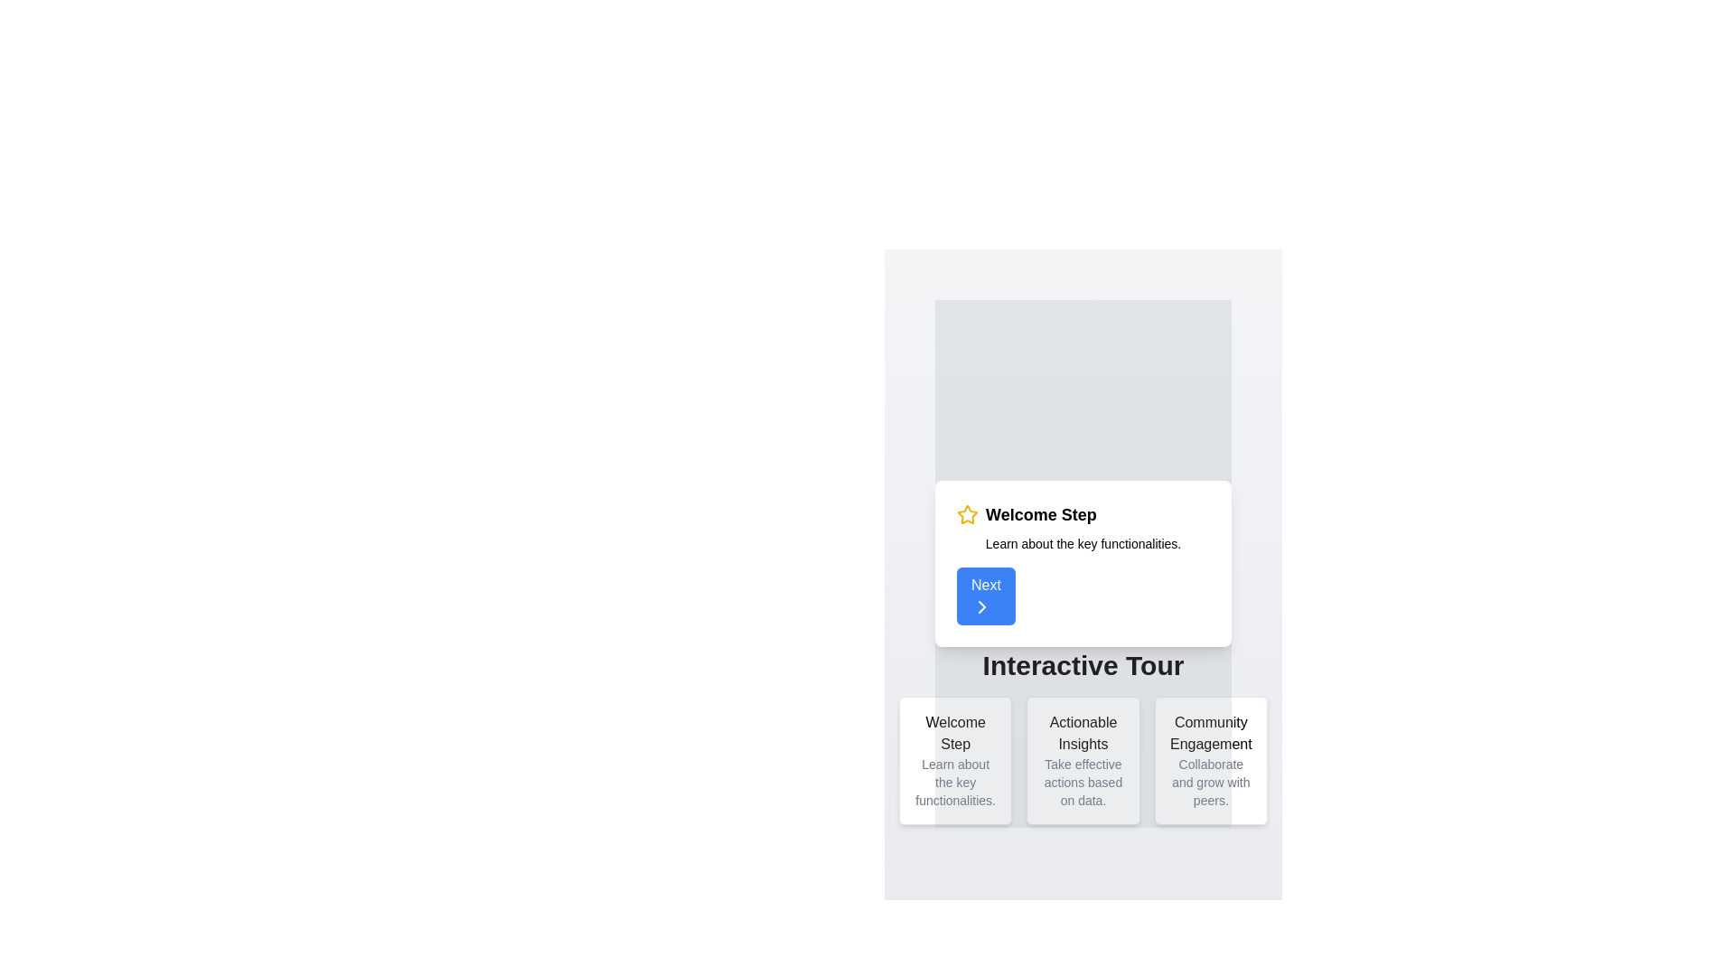 The image size is (1735, 976). Describe the element at coordinates (954, 782) in the screenshot. I see `the text label displaying 'Learn about the key functionalities.' which is styled in small gray font and located below the 'Welcome Step' header in the white card` at that location.